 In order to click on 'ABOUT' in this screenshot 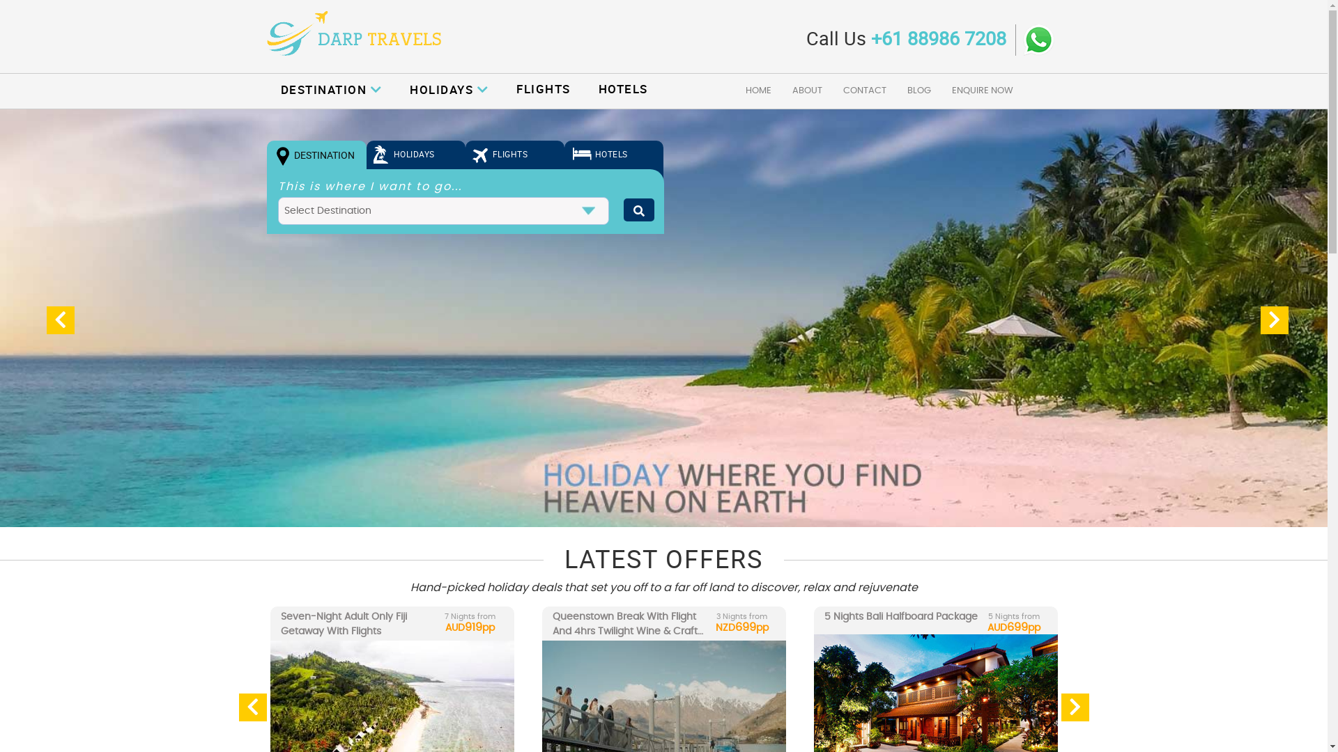, I will do `click(782, 91)`.